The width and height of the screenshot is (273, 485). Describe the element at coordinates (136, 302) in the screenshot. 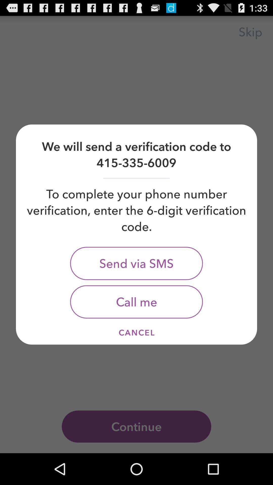

I see `item above the cancel` at that location.